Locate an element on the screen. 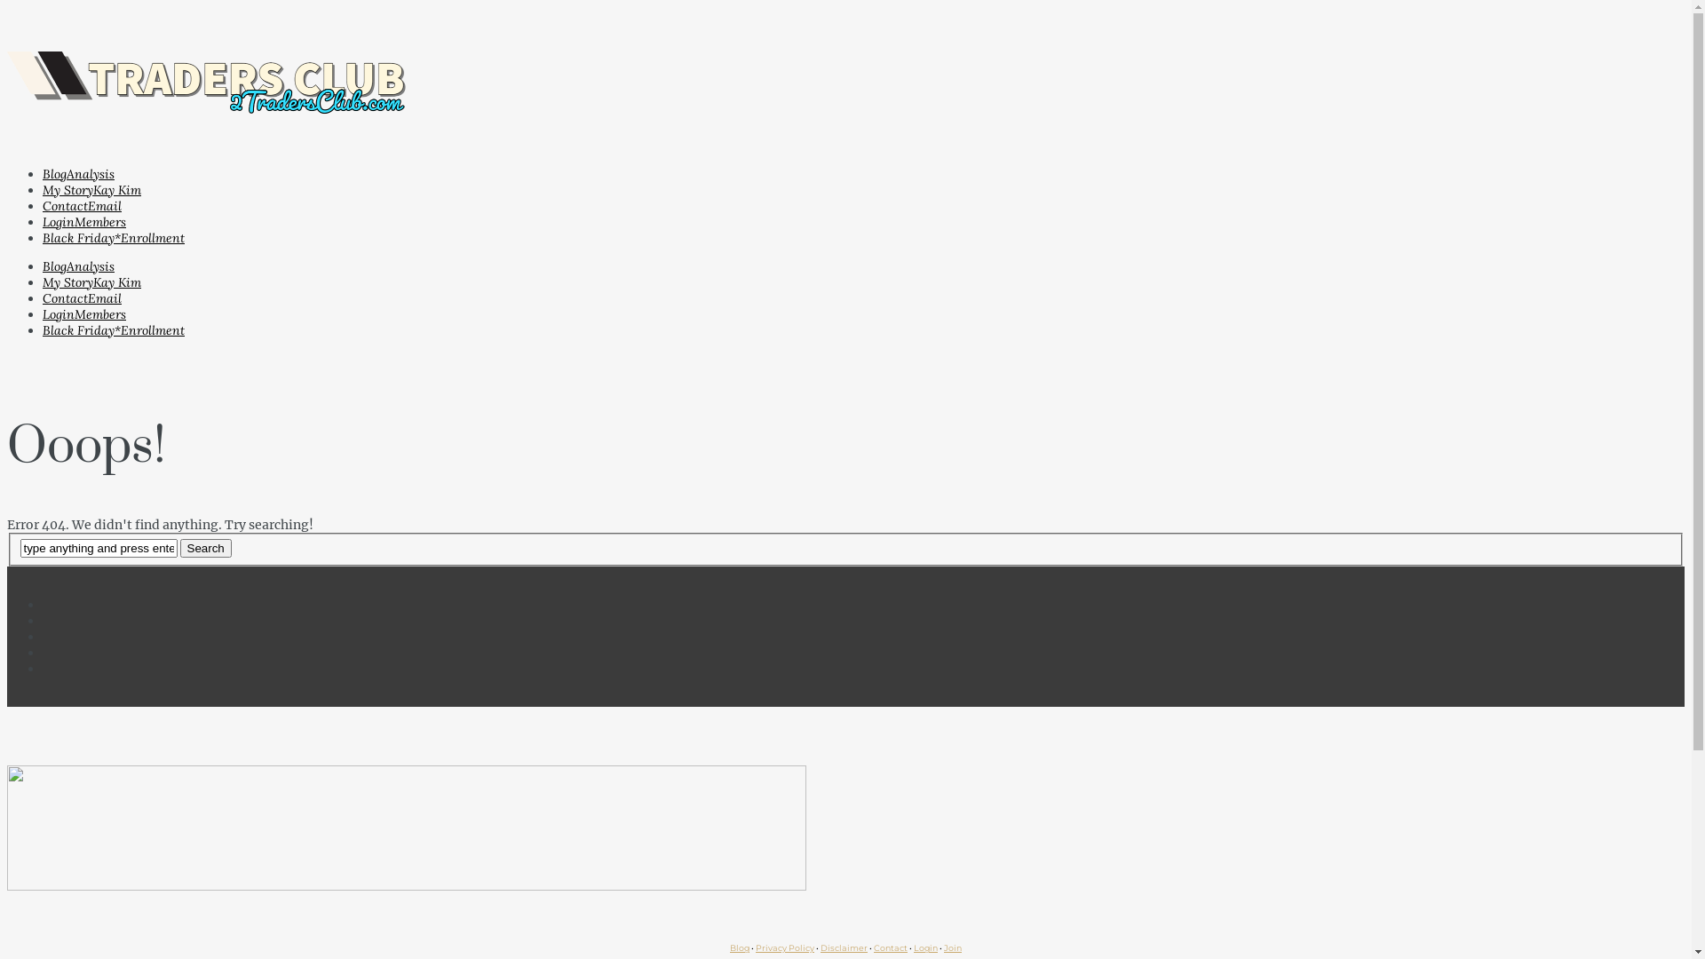 Image resolution: width=1705 pixels, height=959 pixels. 'My StoryKay Kim' is located at coordinates (91, 280).